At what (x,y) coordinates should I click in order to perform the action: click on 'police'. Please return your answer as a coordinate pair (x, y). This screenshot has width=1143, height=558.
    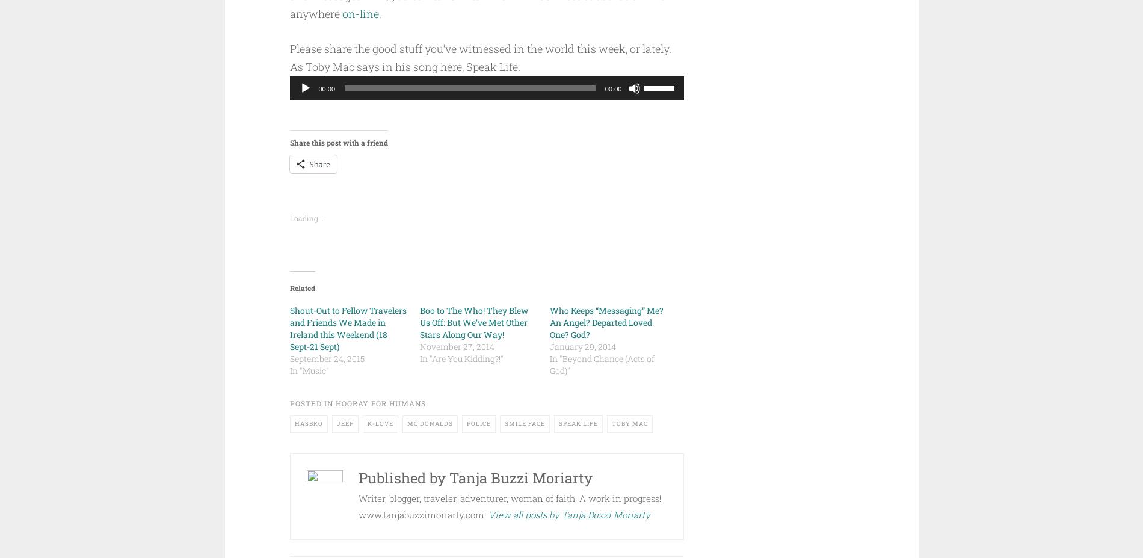
    Looking at the image, I should click on (466, 423).